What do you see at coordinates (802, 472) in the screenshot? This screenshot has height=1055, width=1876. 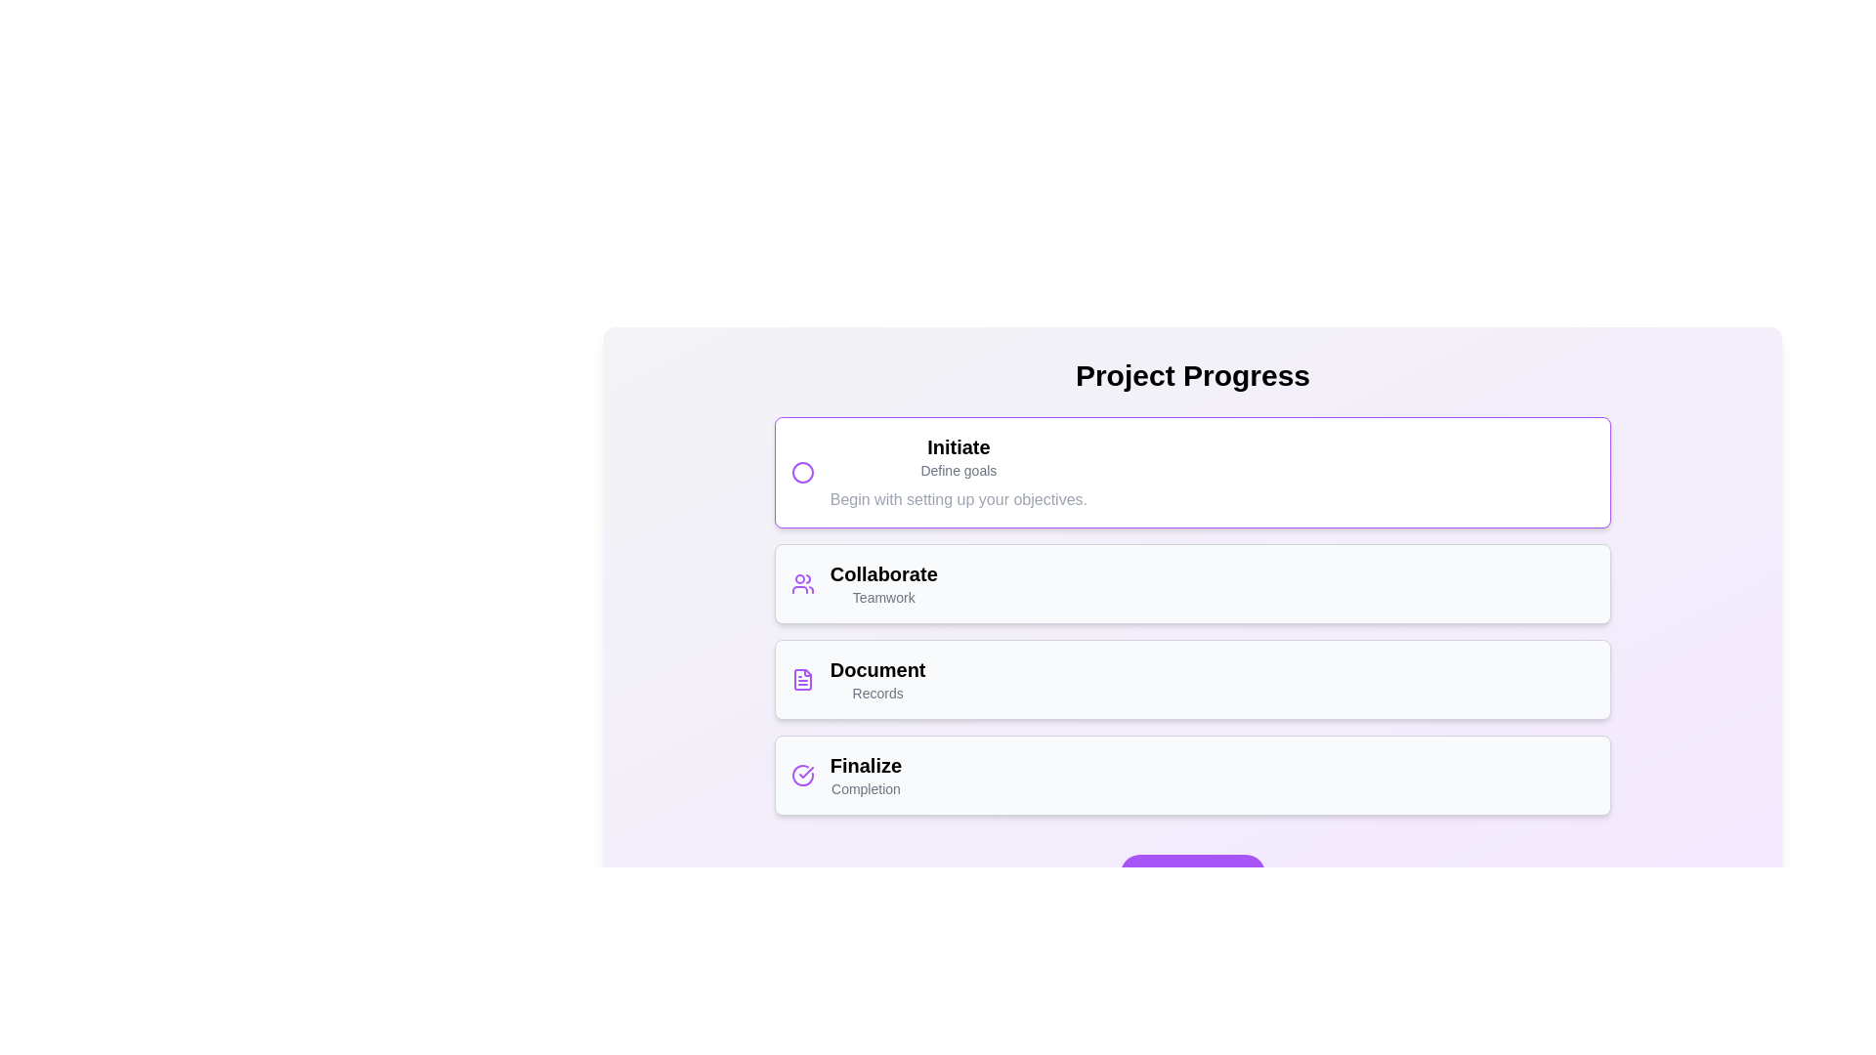 I see `the circular icon with a purple outline located at the leftmost side of the card labeled 'Initiate', which is vertically aligned in the middle of the card's content area` at bounding box center [802, 472].